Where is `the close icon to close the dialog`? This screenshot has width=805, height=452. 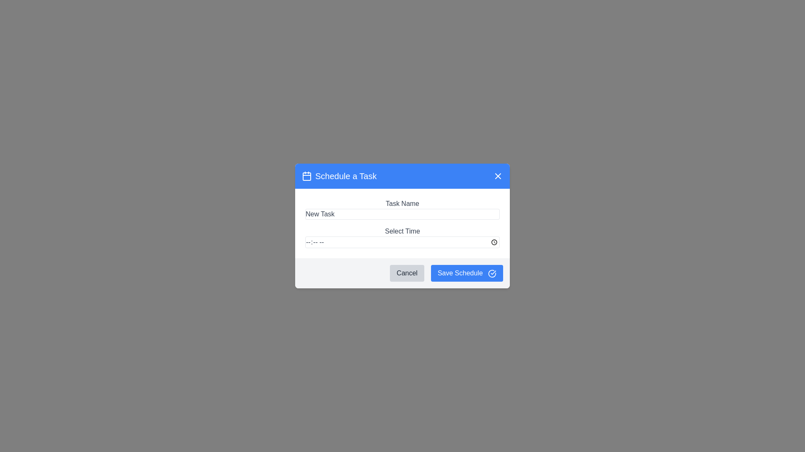
the close icon to close the dialog is located at coordinates (498, 175).